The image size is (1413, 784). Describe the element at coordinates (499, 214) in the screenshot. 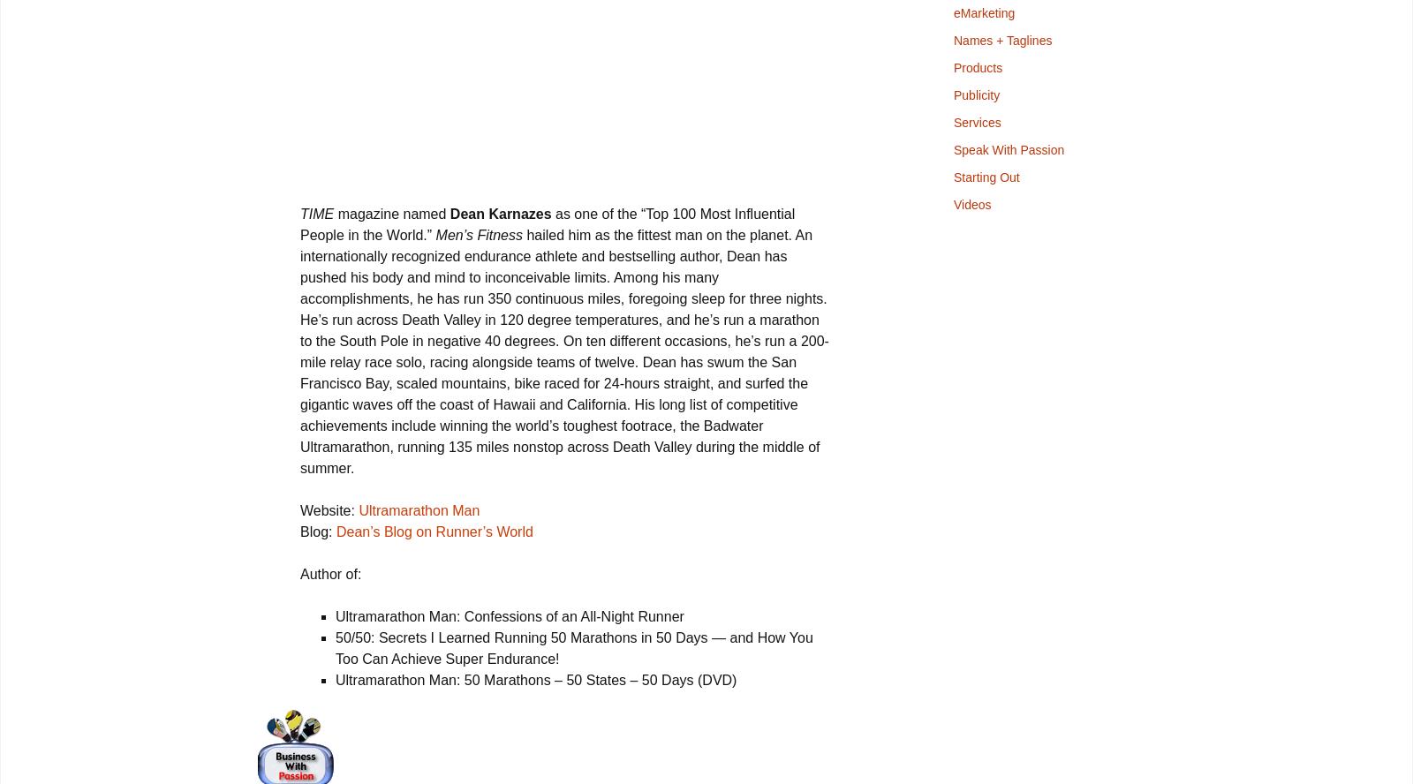

I see `'Dean Karnazes'` at that location.